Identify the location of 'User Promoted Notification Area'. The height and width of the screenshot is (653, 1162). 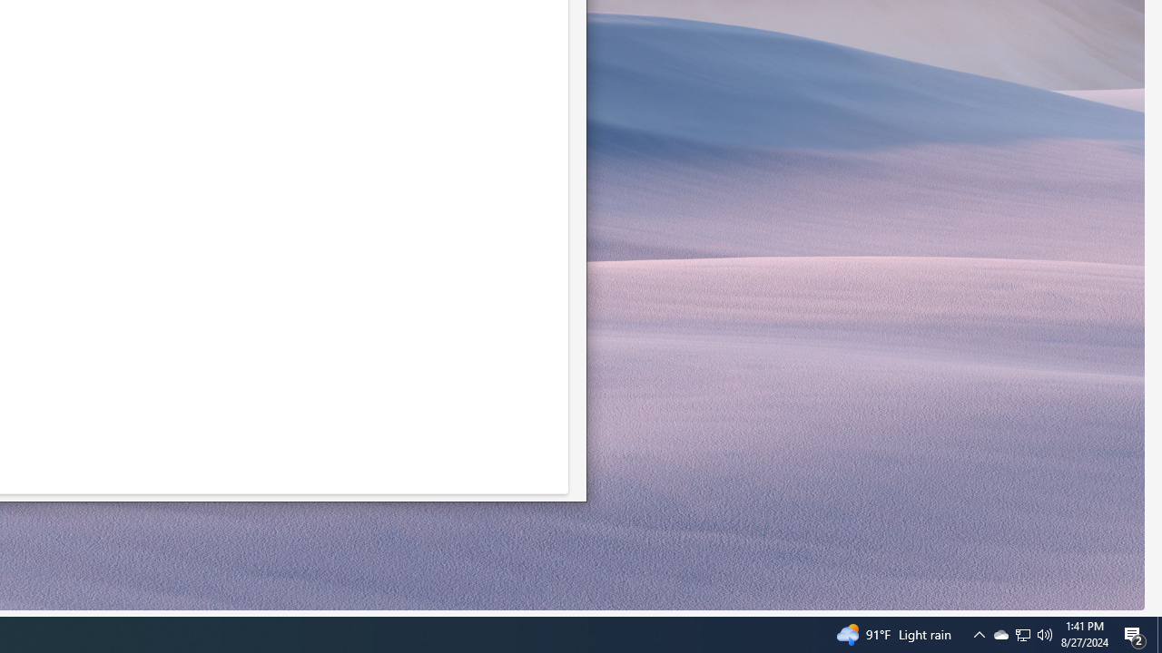
(979, 633).